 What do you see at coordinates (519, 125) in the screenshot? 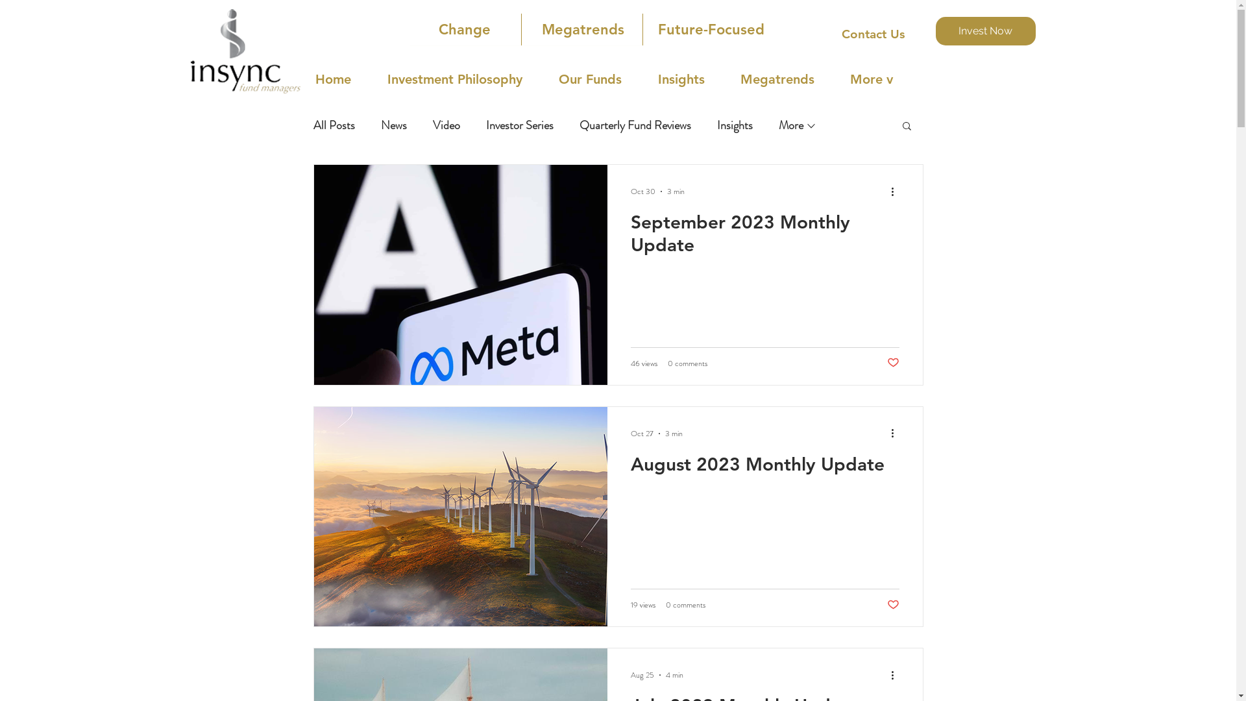
I see `'Investor Series'` at bounding box center [519, 125].